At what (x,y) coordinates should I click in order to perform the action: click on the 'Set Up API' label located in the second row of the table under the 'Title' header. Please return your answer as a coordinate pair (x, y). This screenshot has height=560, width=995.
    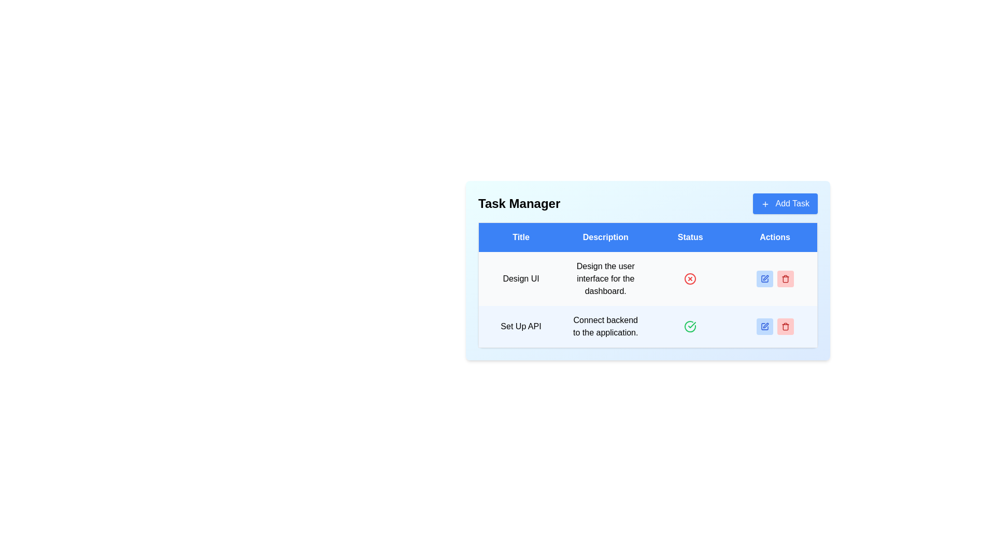
    Looking at the image, I should click on (521, 327).